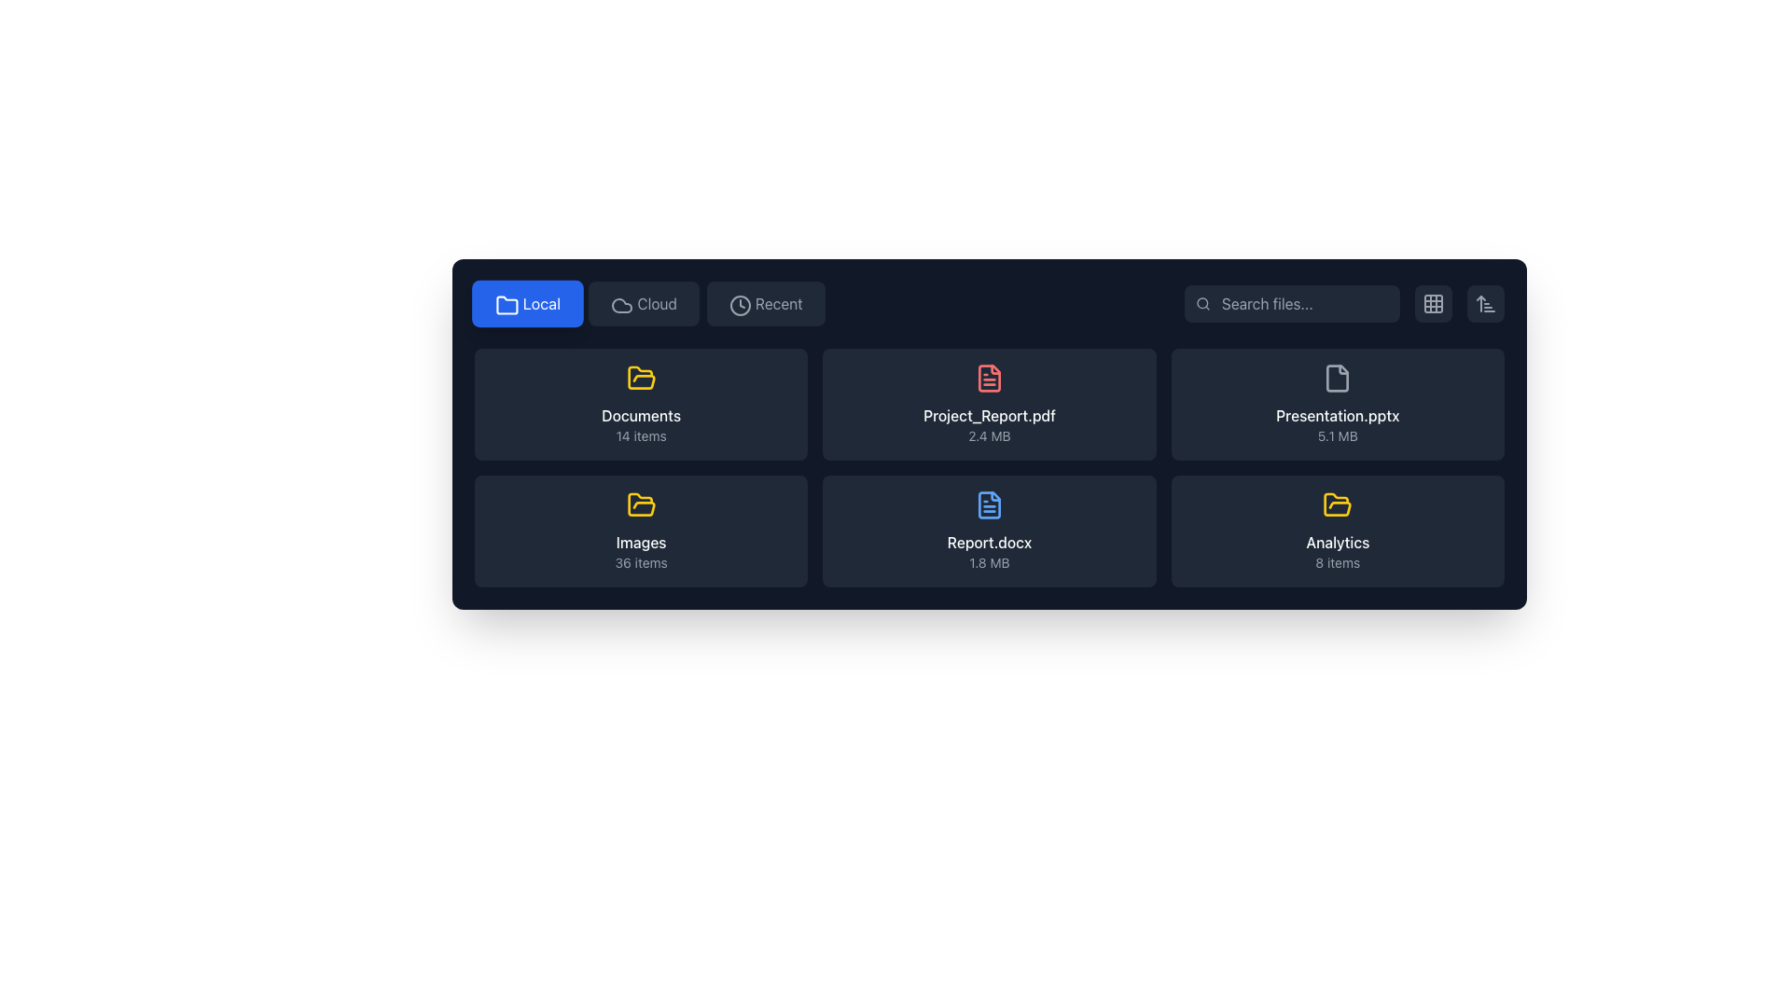 This screenshot has width=1791, height=1007. What do you see at coordinates (622, 304) in the screenshot?
I see `the cloud icon with a minimalistic line design located in the navigation bar` at bounding box center [622, 304].